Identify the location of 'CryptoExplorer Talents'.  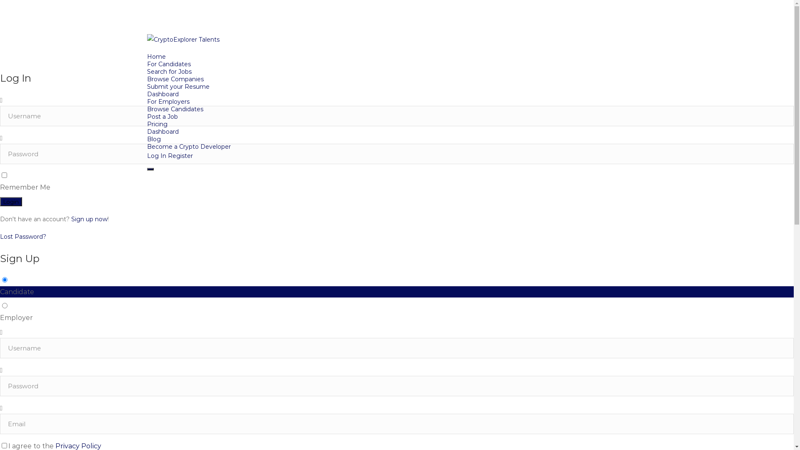
(396, 43).